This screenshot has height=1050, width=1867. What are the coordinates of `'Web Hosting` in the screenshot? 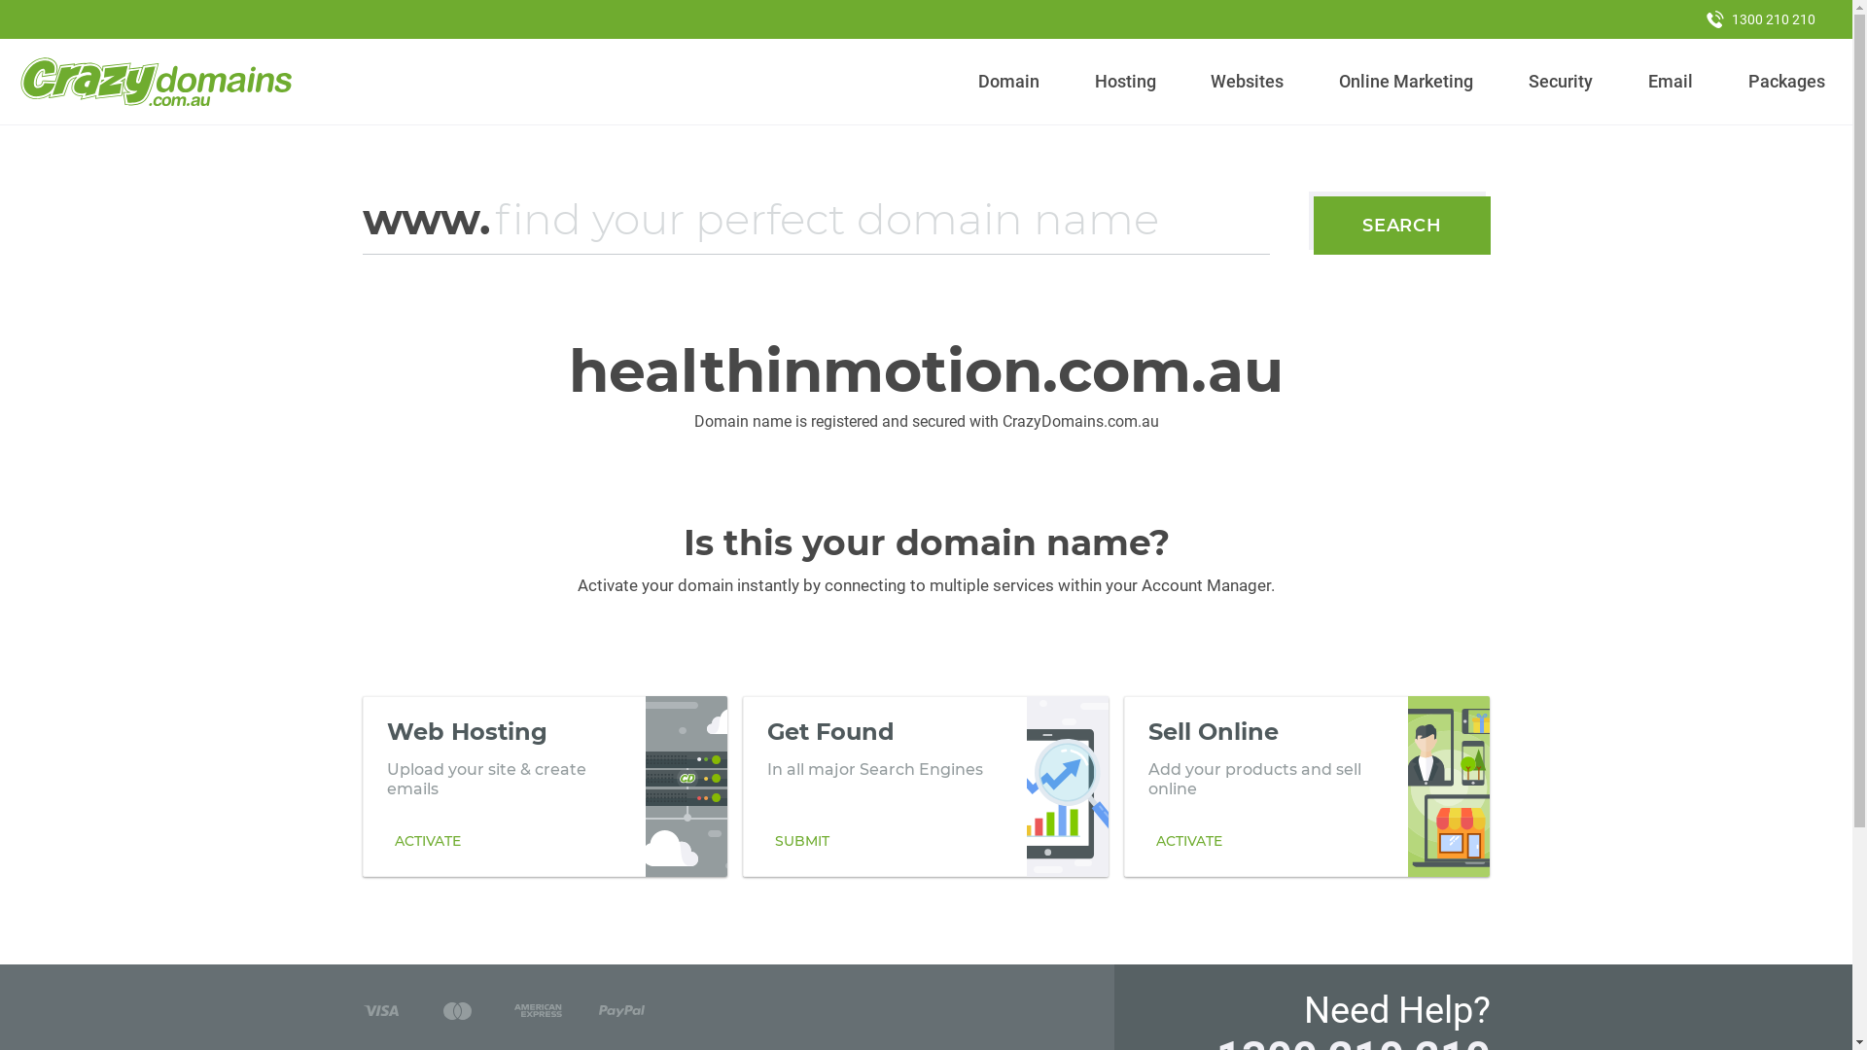 It's located at (545, 786).